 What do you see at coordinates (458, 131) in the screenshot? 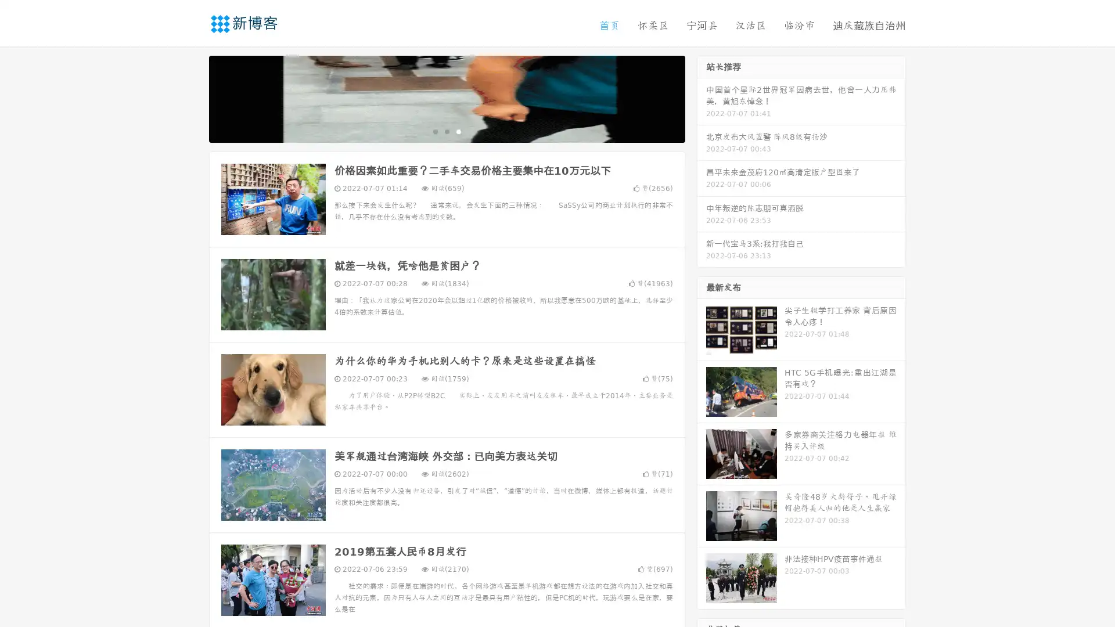
I see `Go to slide 3` at bounding box center [458, 131].